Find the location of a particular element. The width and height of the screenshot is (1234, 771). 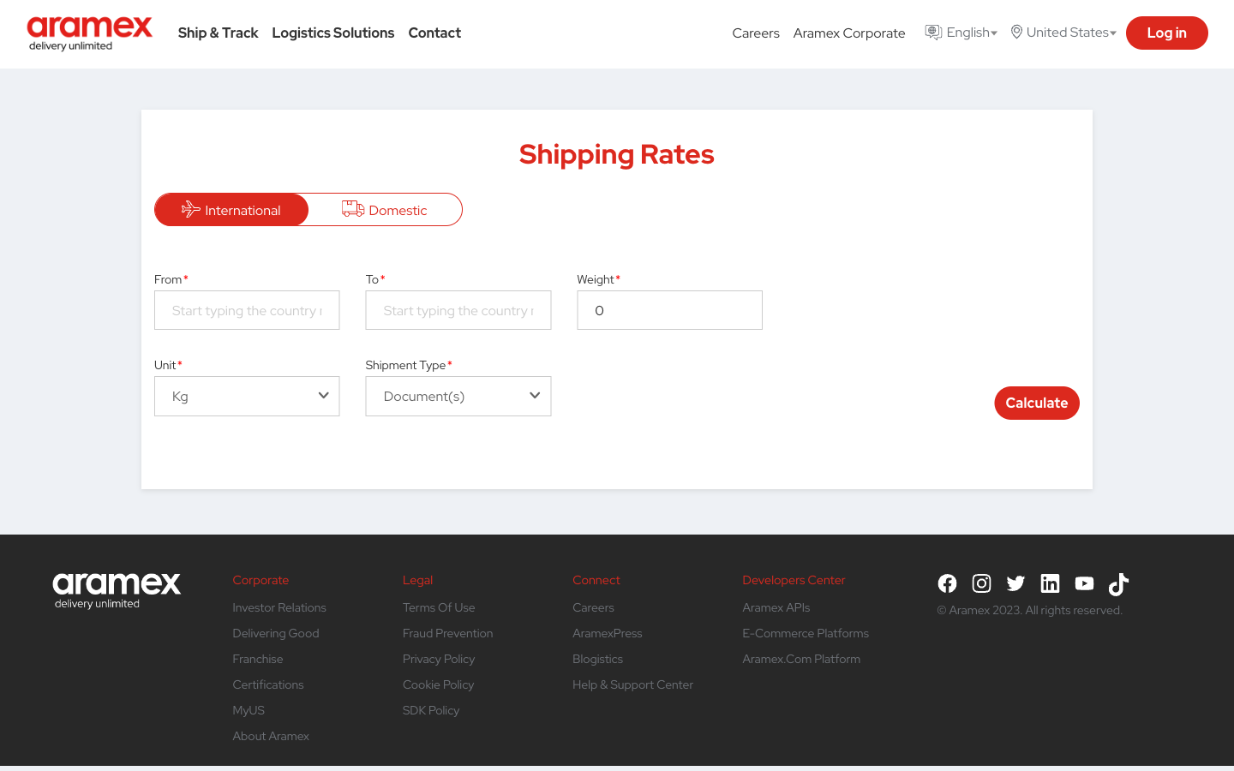

Retrieve the home page by using the bottom left side panel button is located at coordinates (116, 582).